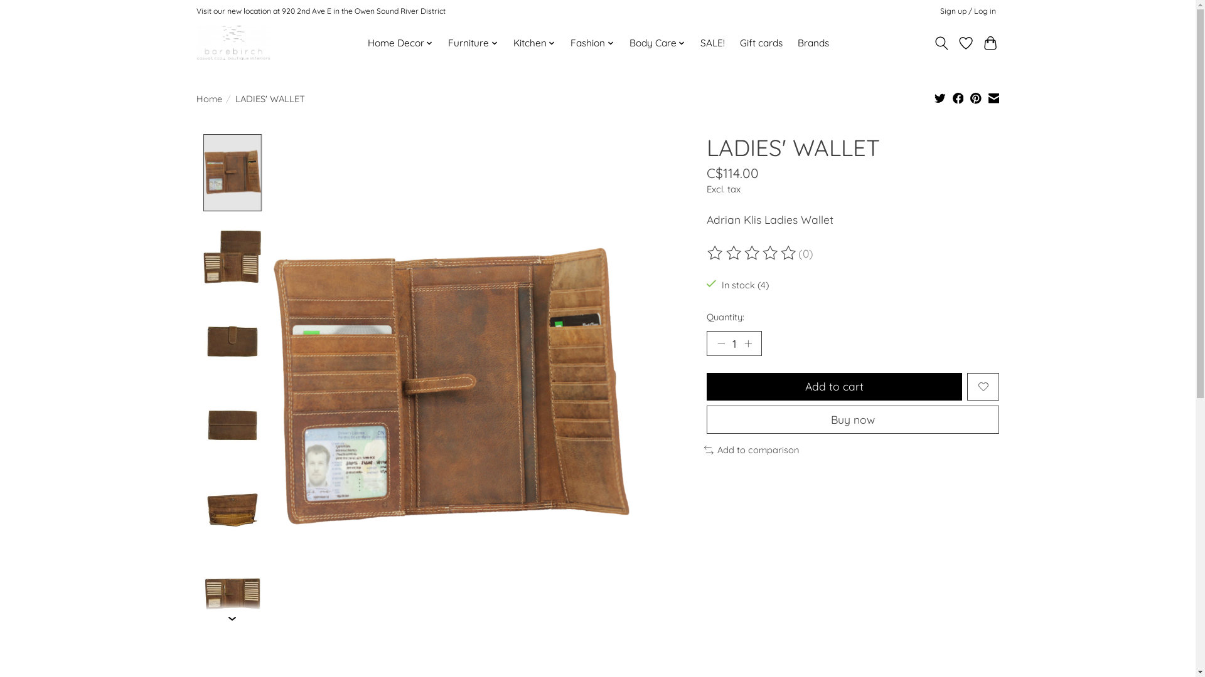  I want to click on 'Share on Twitter', so click(940, 98).